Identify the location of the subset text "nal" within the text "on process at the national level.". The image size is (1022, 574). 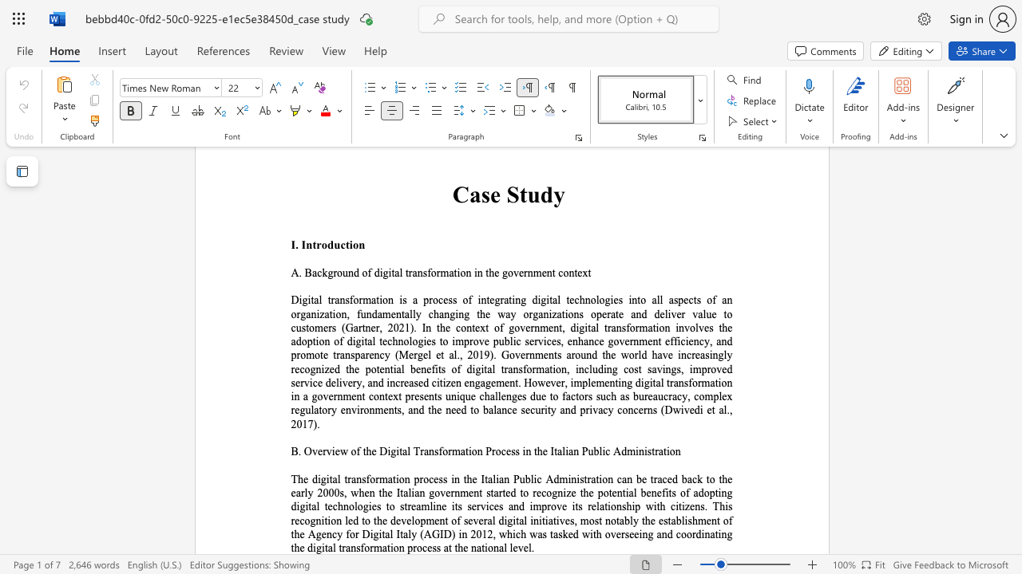
(492, 547).